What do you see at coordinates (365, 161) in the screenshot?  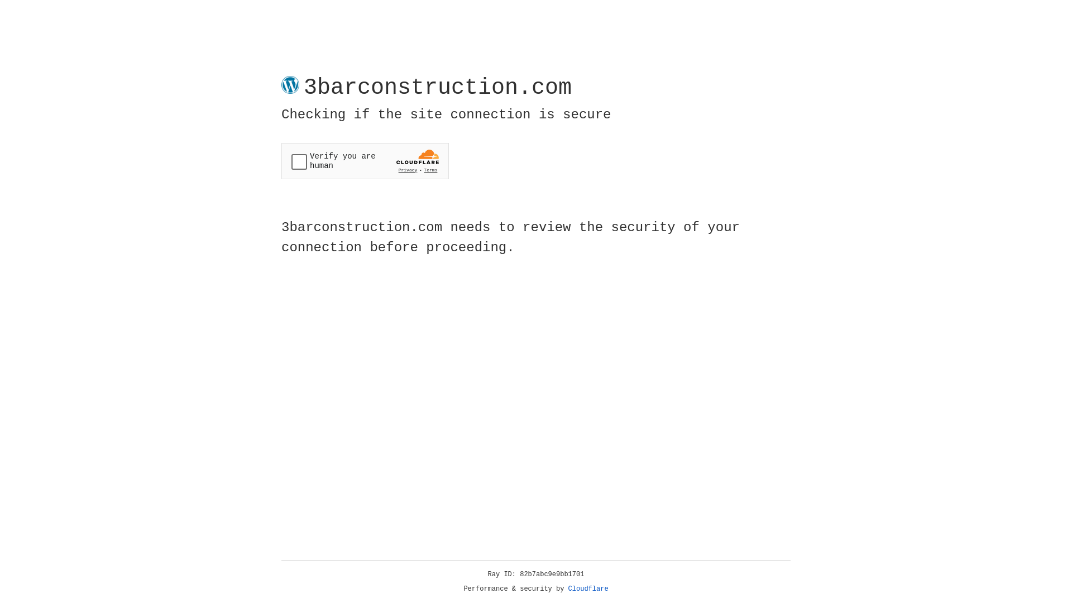 I see `'Widget containing a Cloudflare security challenge'` at bounding box center [365, 161].